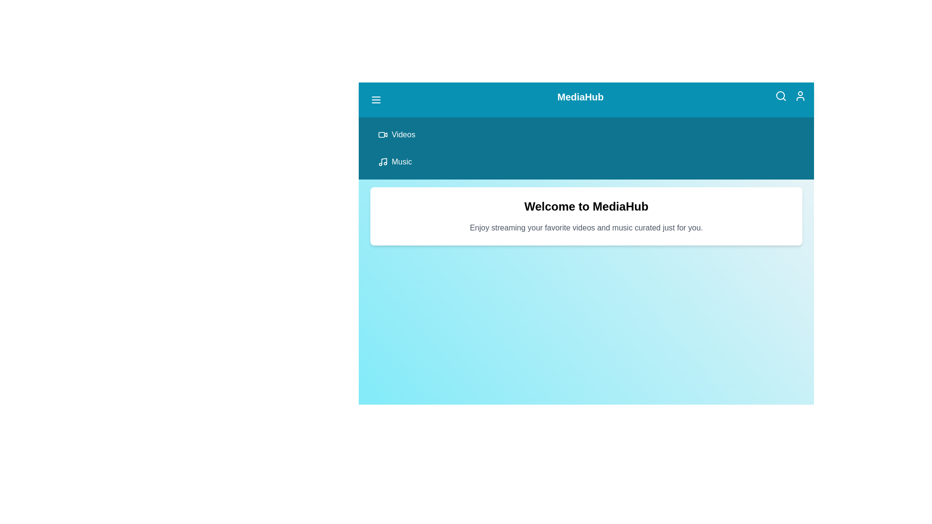  What do you see at coordinates (781, 96) in the screenshot?
I see `the search icon to activate the search functionality` at bounding box center [781, 96].